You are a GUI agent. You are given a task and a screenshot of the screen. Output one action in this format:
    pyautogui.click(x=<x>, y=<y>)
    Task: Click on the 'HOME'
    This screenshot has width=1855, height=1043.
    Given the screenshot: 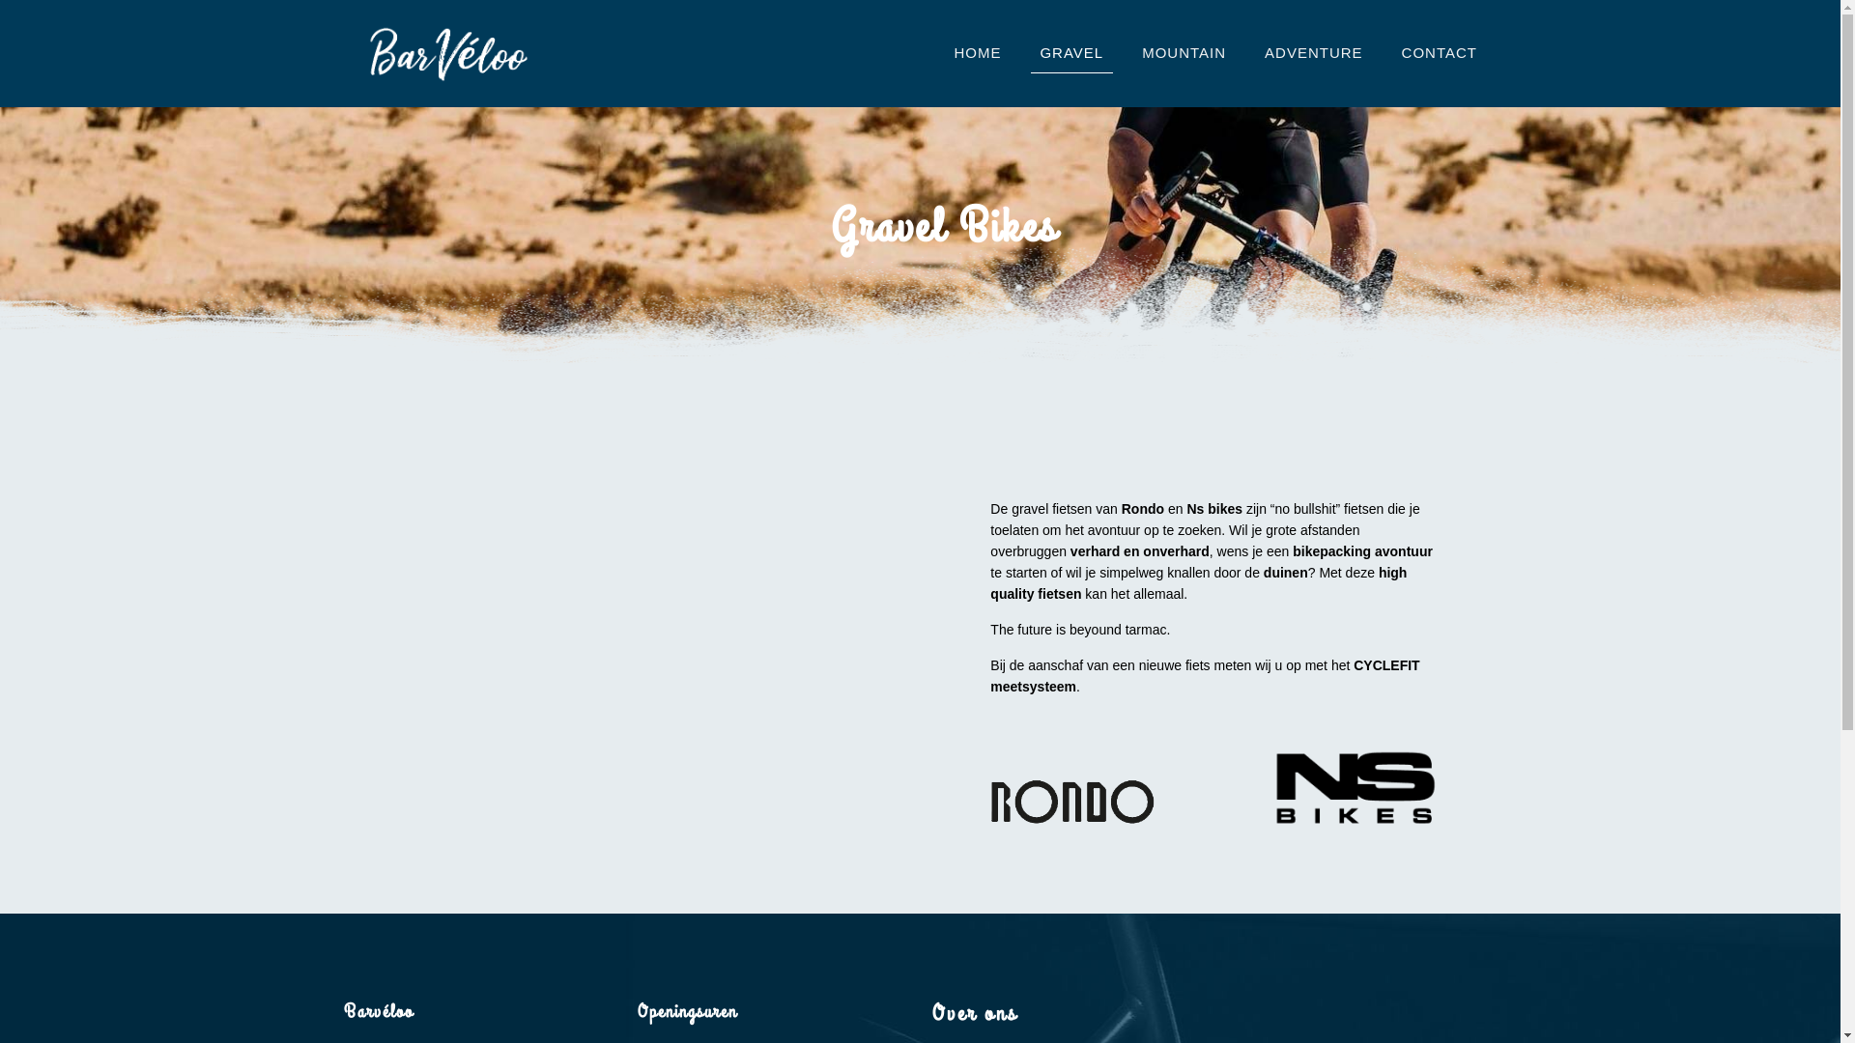 What is the action you would take?
    pyautogui.click(x=977, y=51)
    